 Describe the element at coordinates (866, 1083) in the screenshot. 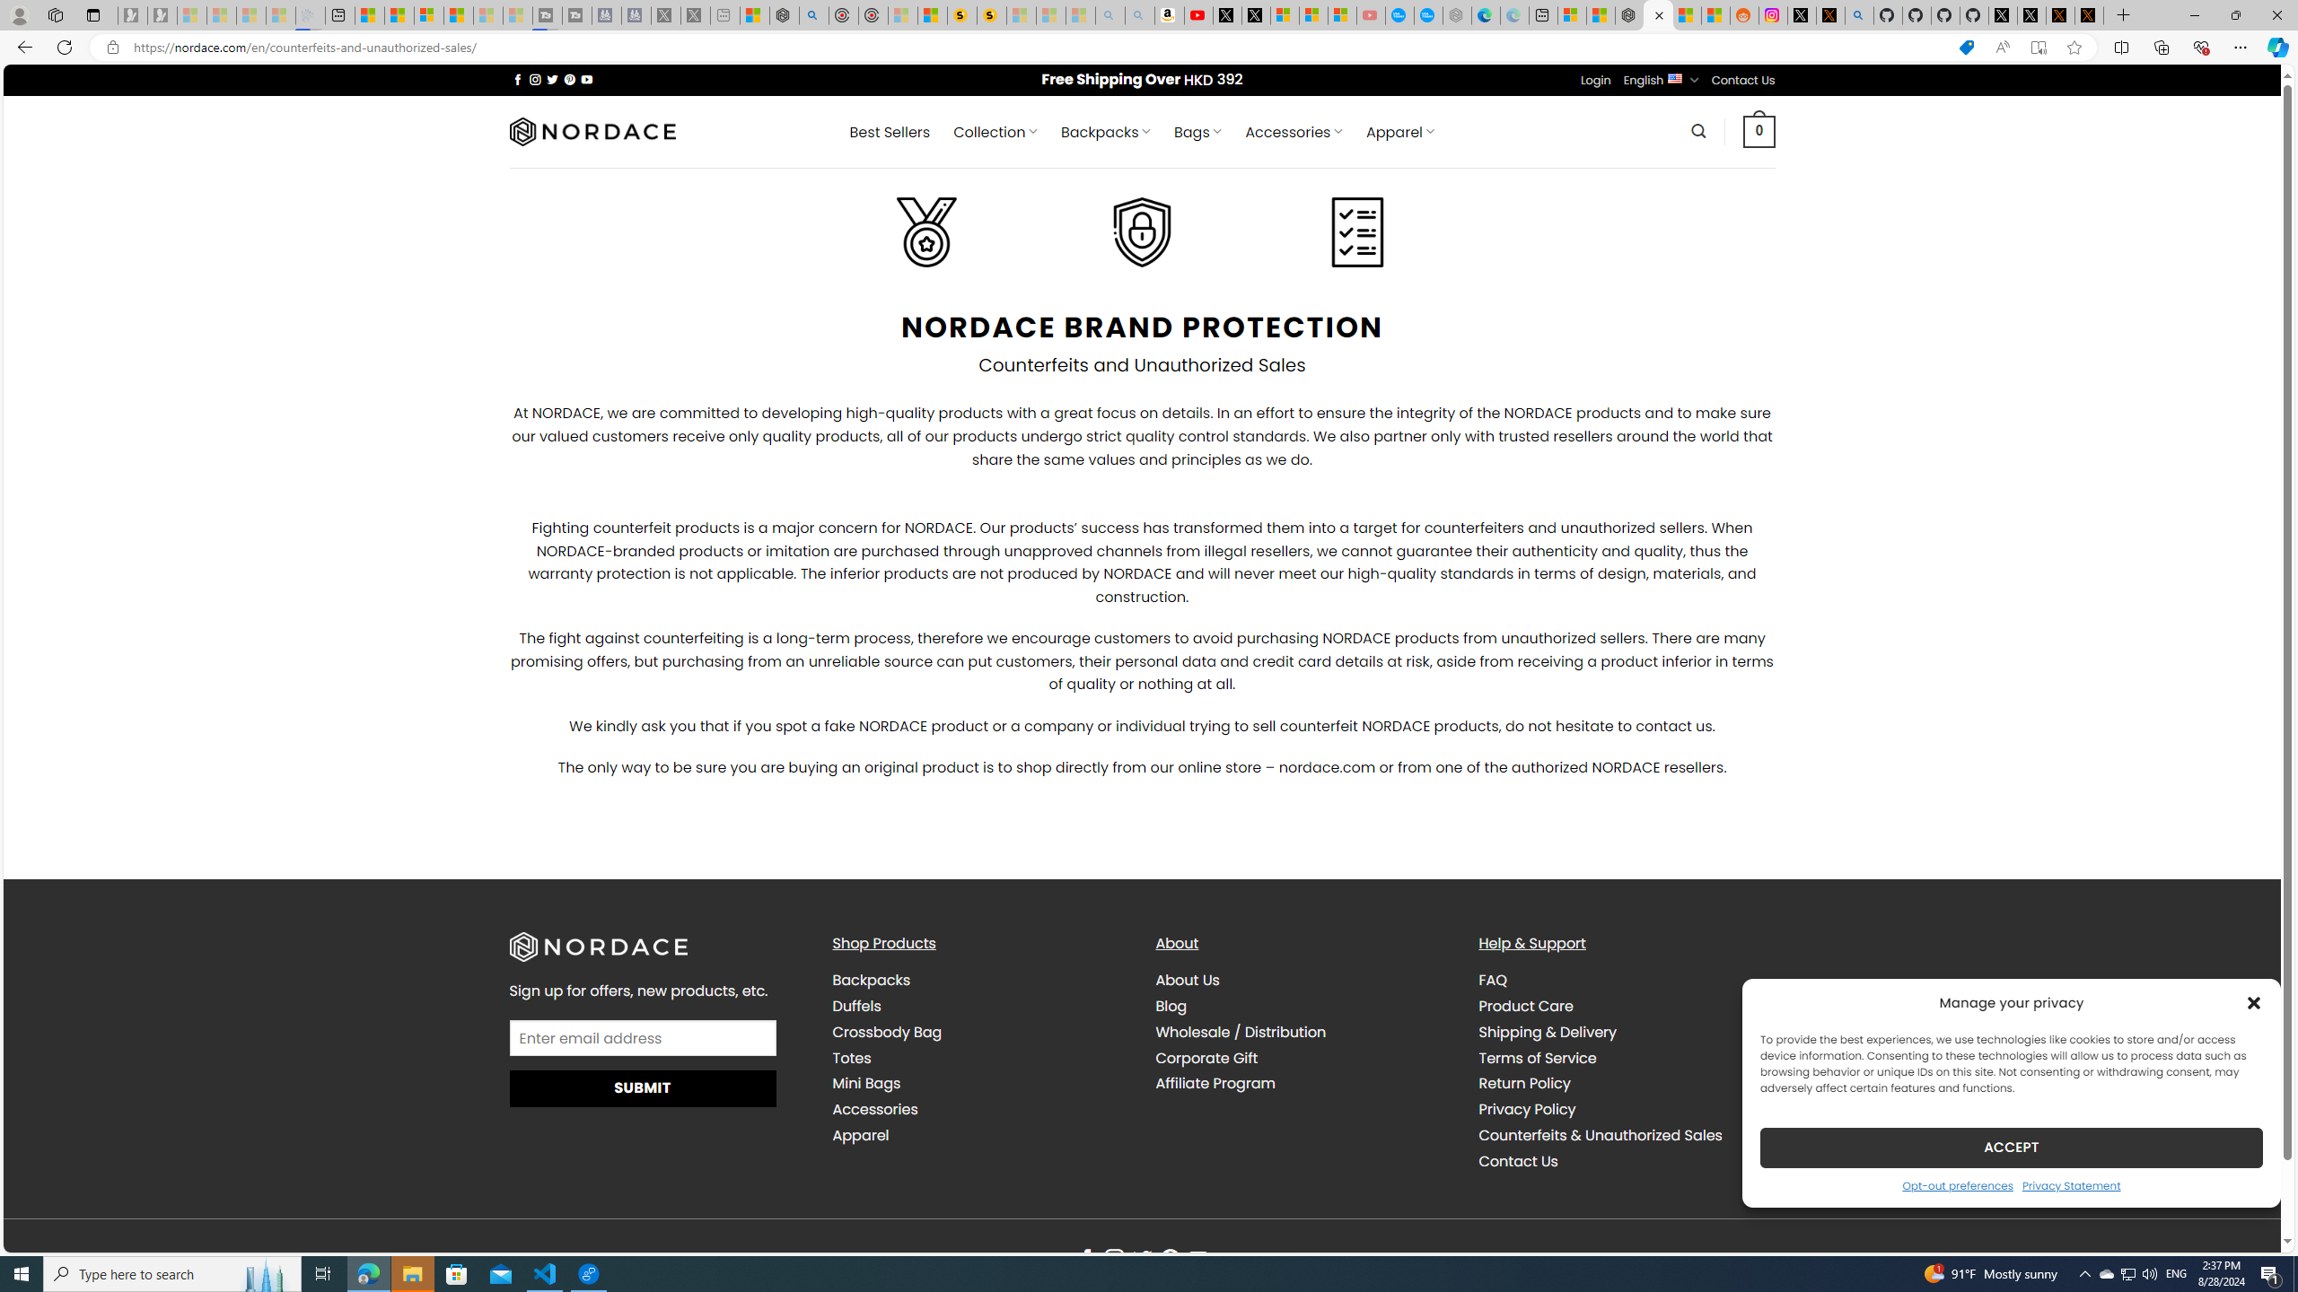

I see `'Mini Bags'` at that location.